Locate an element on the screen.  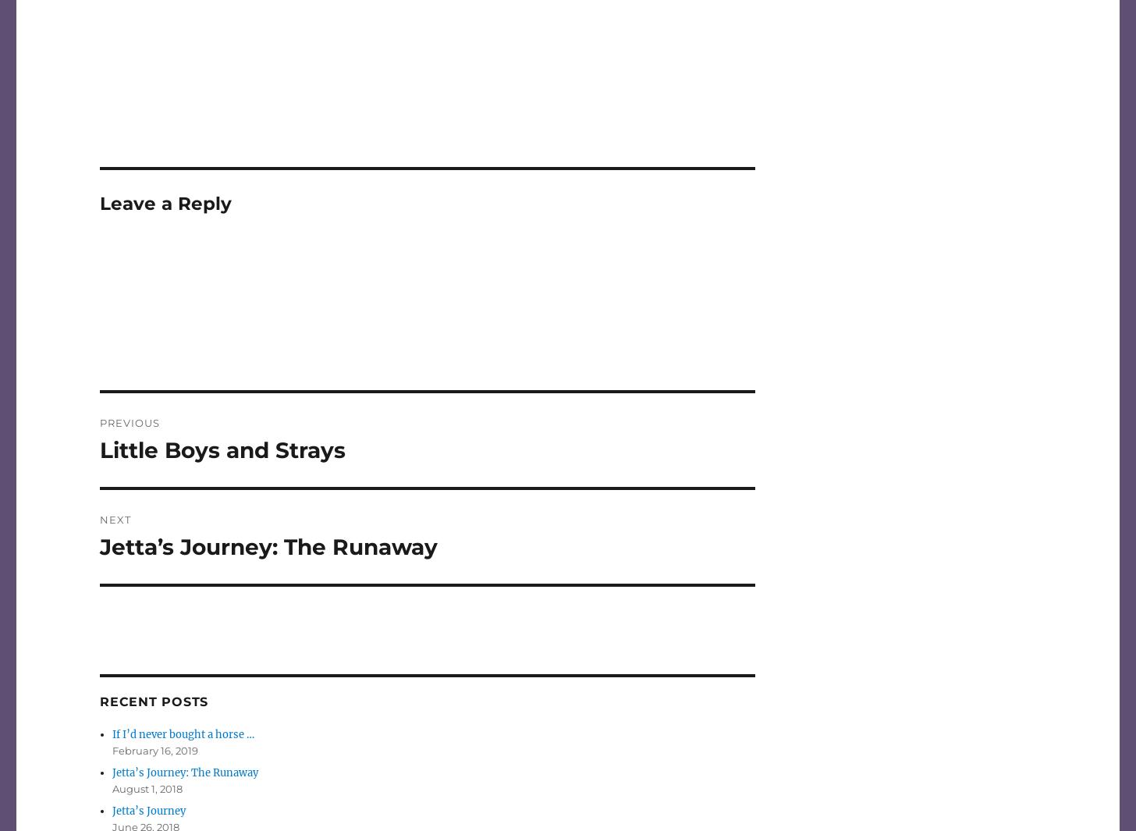
'August 1, 2018' is located at coordinates (147, 789).